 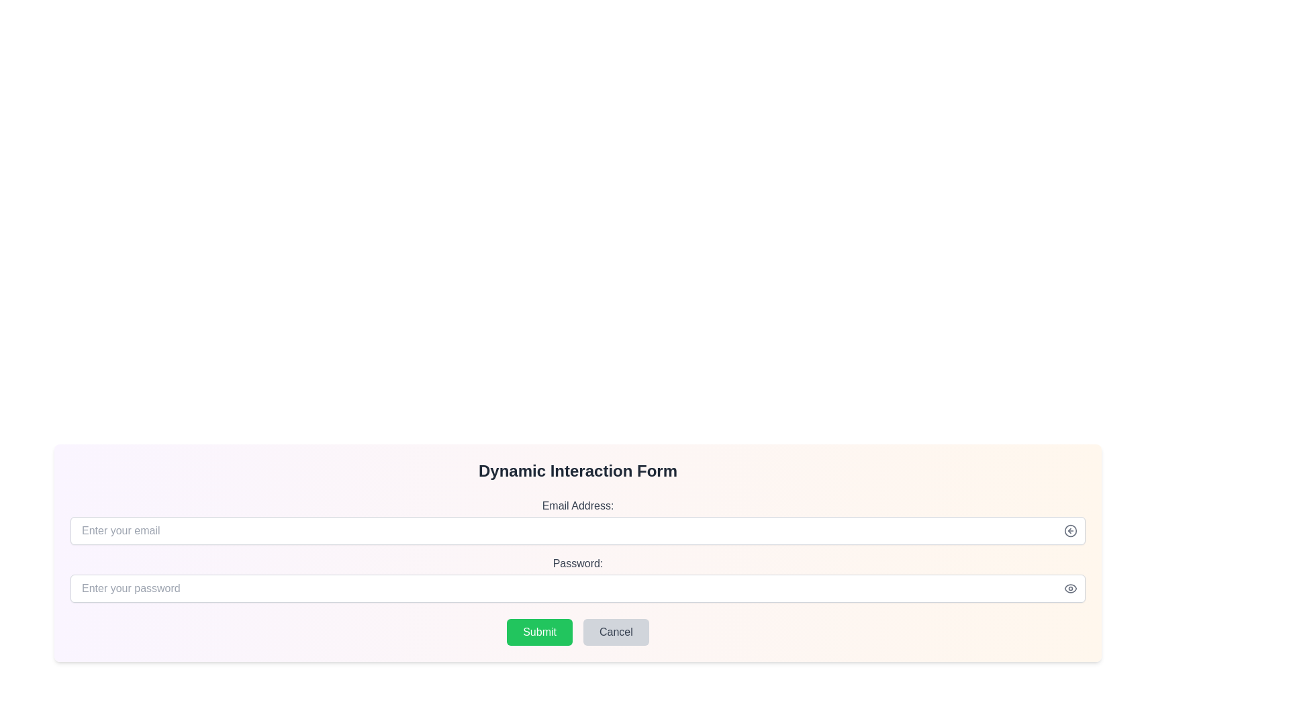 I want to click on the icon button located on the right side of the password input field, so click(x=1069, y=587).